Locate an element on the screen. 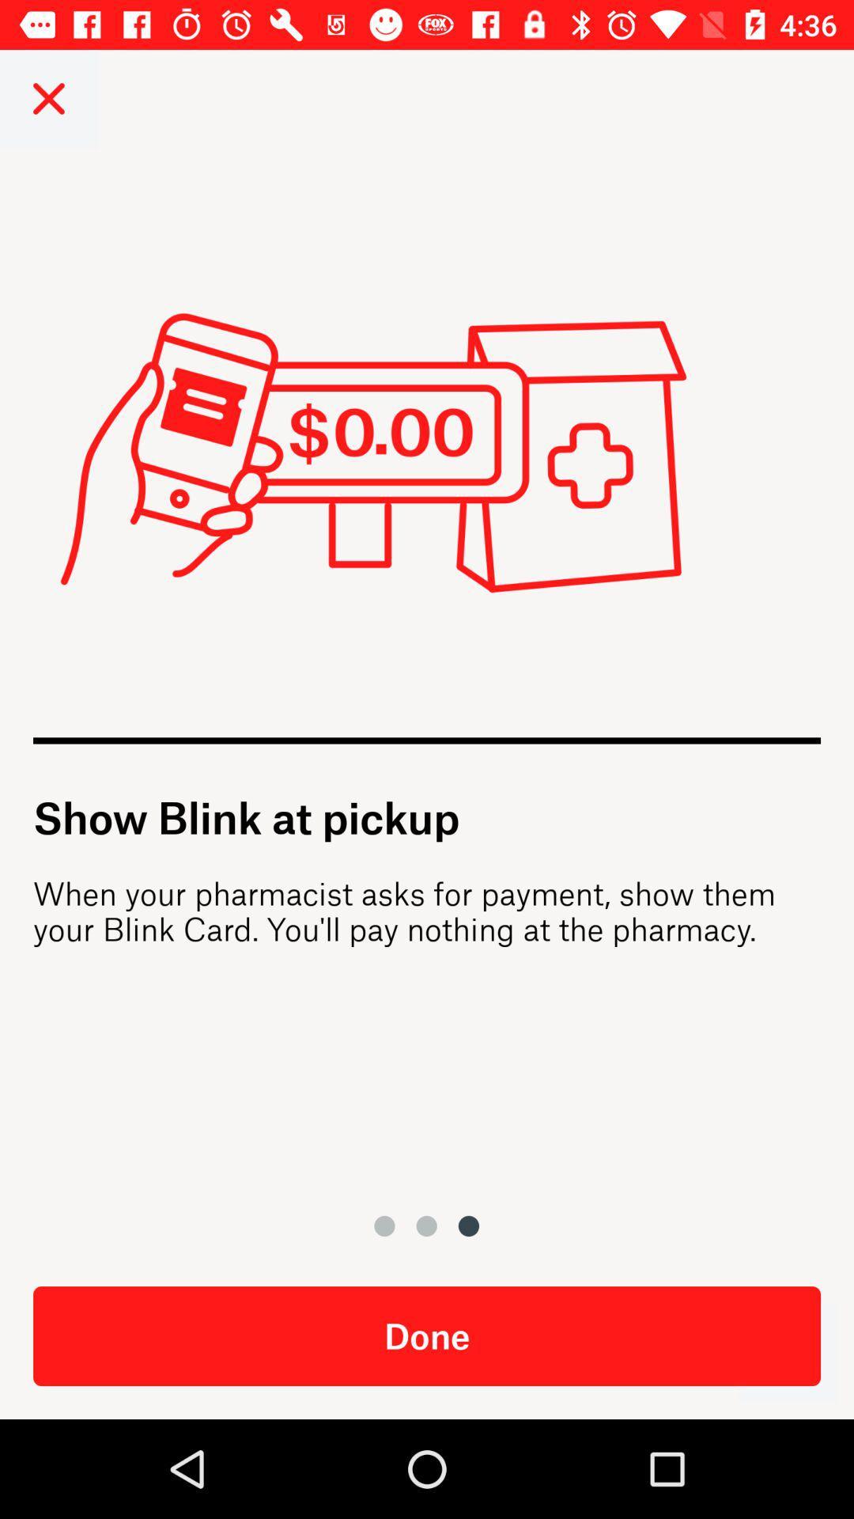  close is located at coordinates (47, 97).